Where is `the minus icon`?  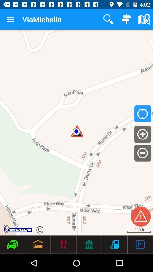 the minus icon is located at coordinates (142, 152).